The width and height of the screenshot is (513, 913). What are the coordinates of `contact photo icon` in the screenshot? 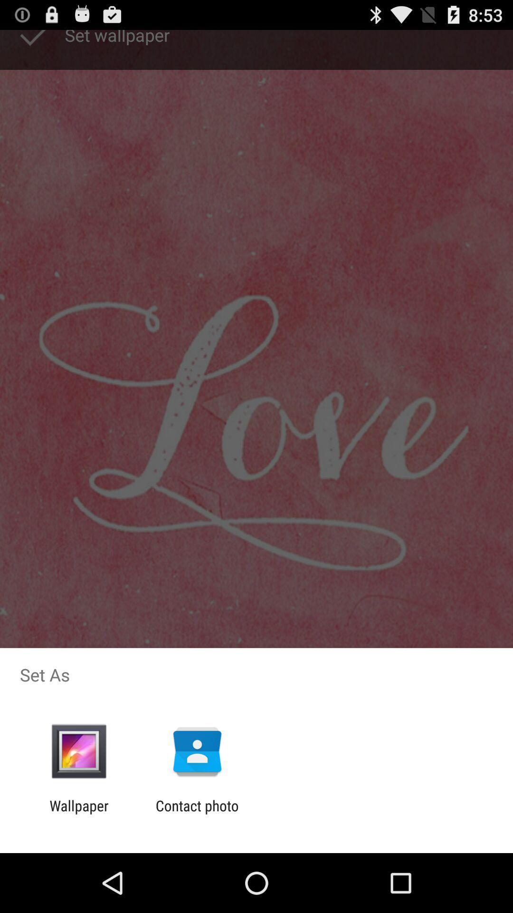 It's located at (197, 814).